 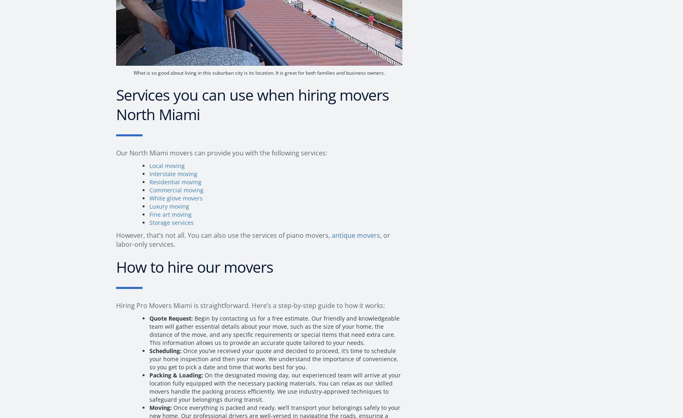 I want to click on 'Packing & Loading:', so click(x=176, y=375).